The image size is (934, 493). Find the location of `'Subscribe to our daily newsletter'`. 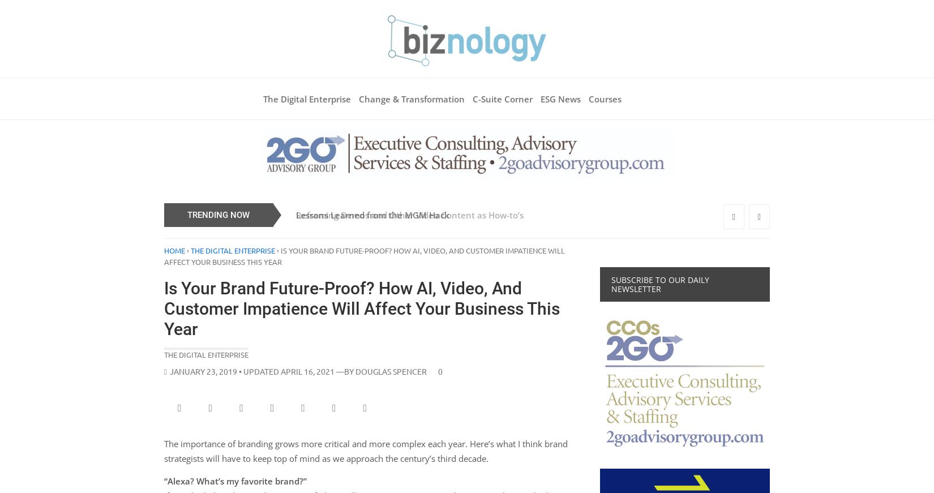

'Subscribe to our daily newsletter' is located at coordinates (660, 284).